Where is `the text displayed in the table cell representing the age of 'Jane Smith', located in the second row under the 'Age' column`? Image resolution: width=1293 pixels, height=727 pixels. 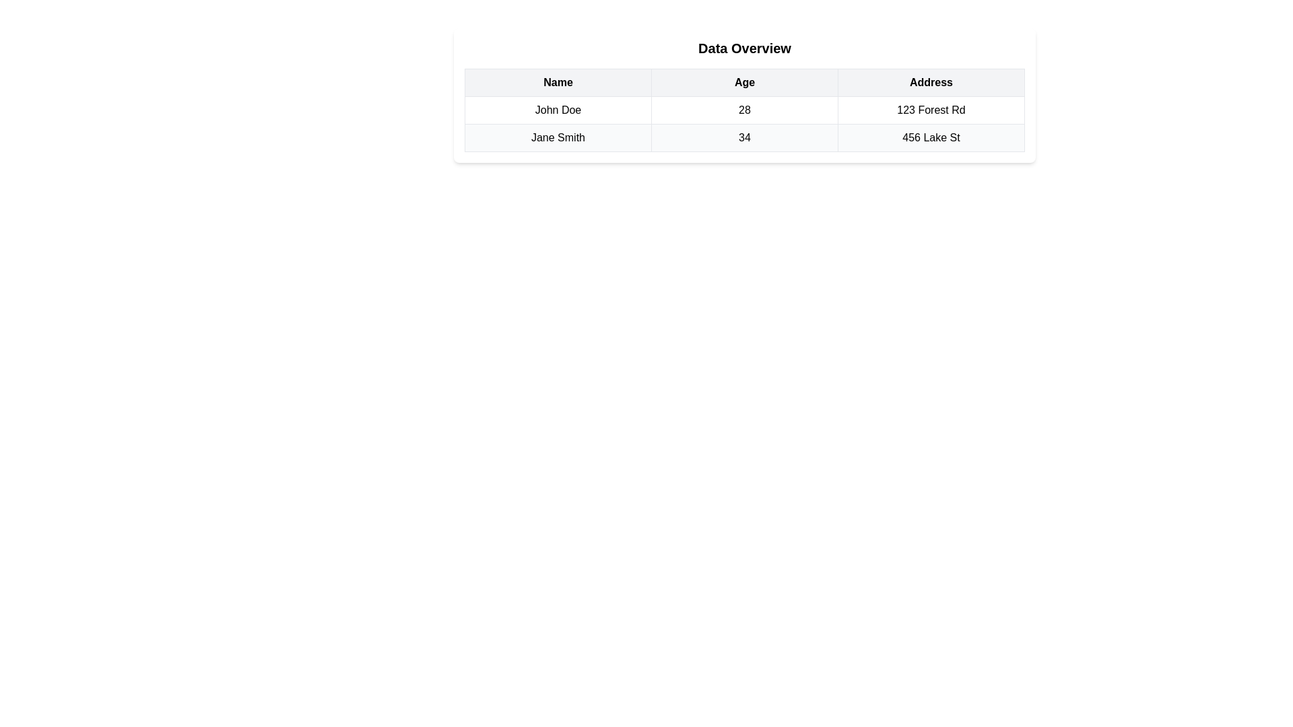 the text displayed in the table cell representing the age of 'Jane Smith', located in the second row under the 'Age' column is located at coordinates (743, 137).